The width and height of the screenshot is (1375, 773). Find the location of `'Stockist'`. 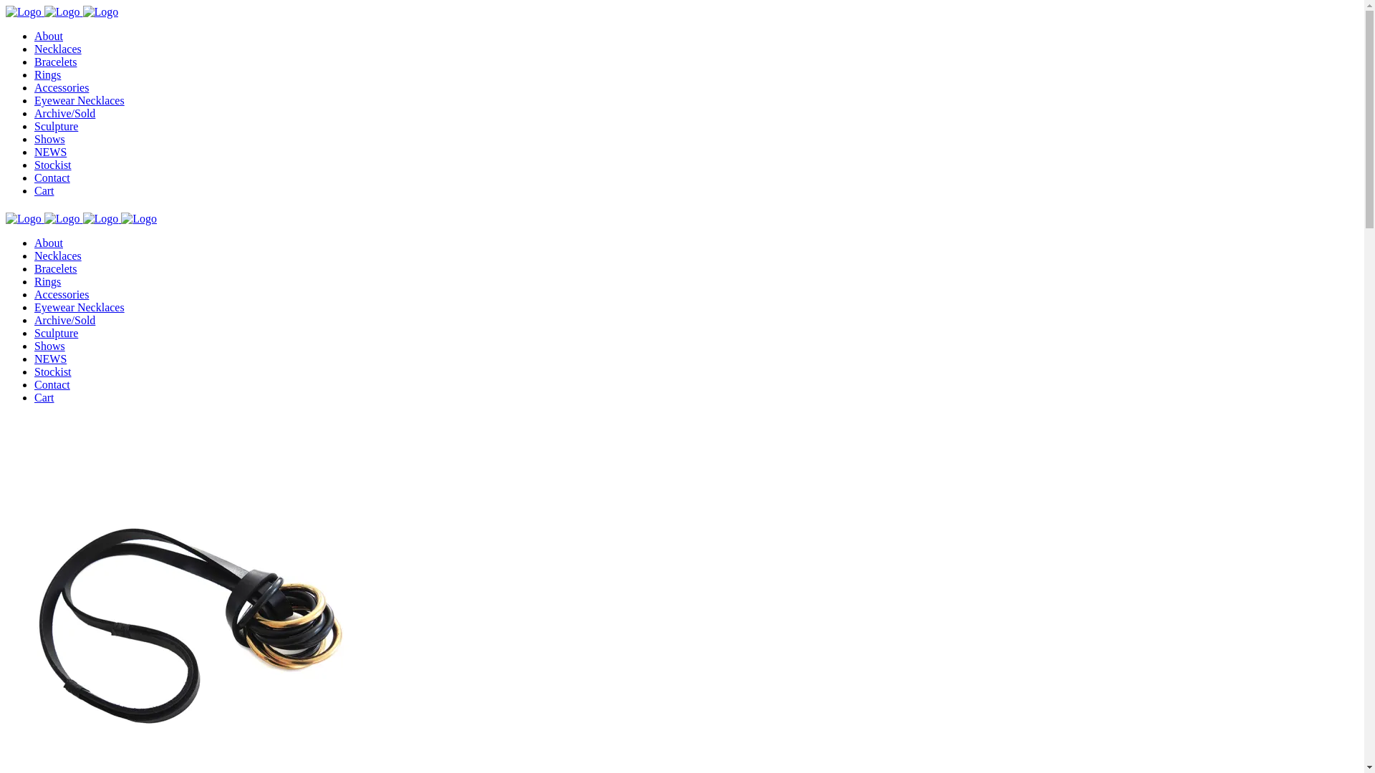

'Stockist' is located at coordinates (52, 371).